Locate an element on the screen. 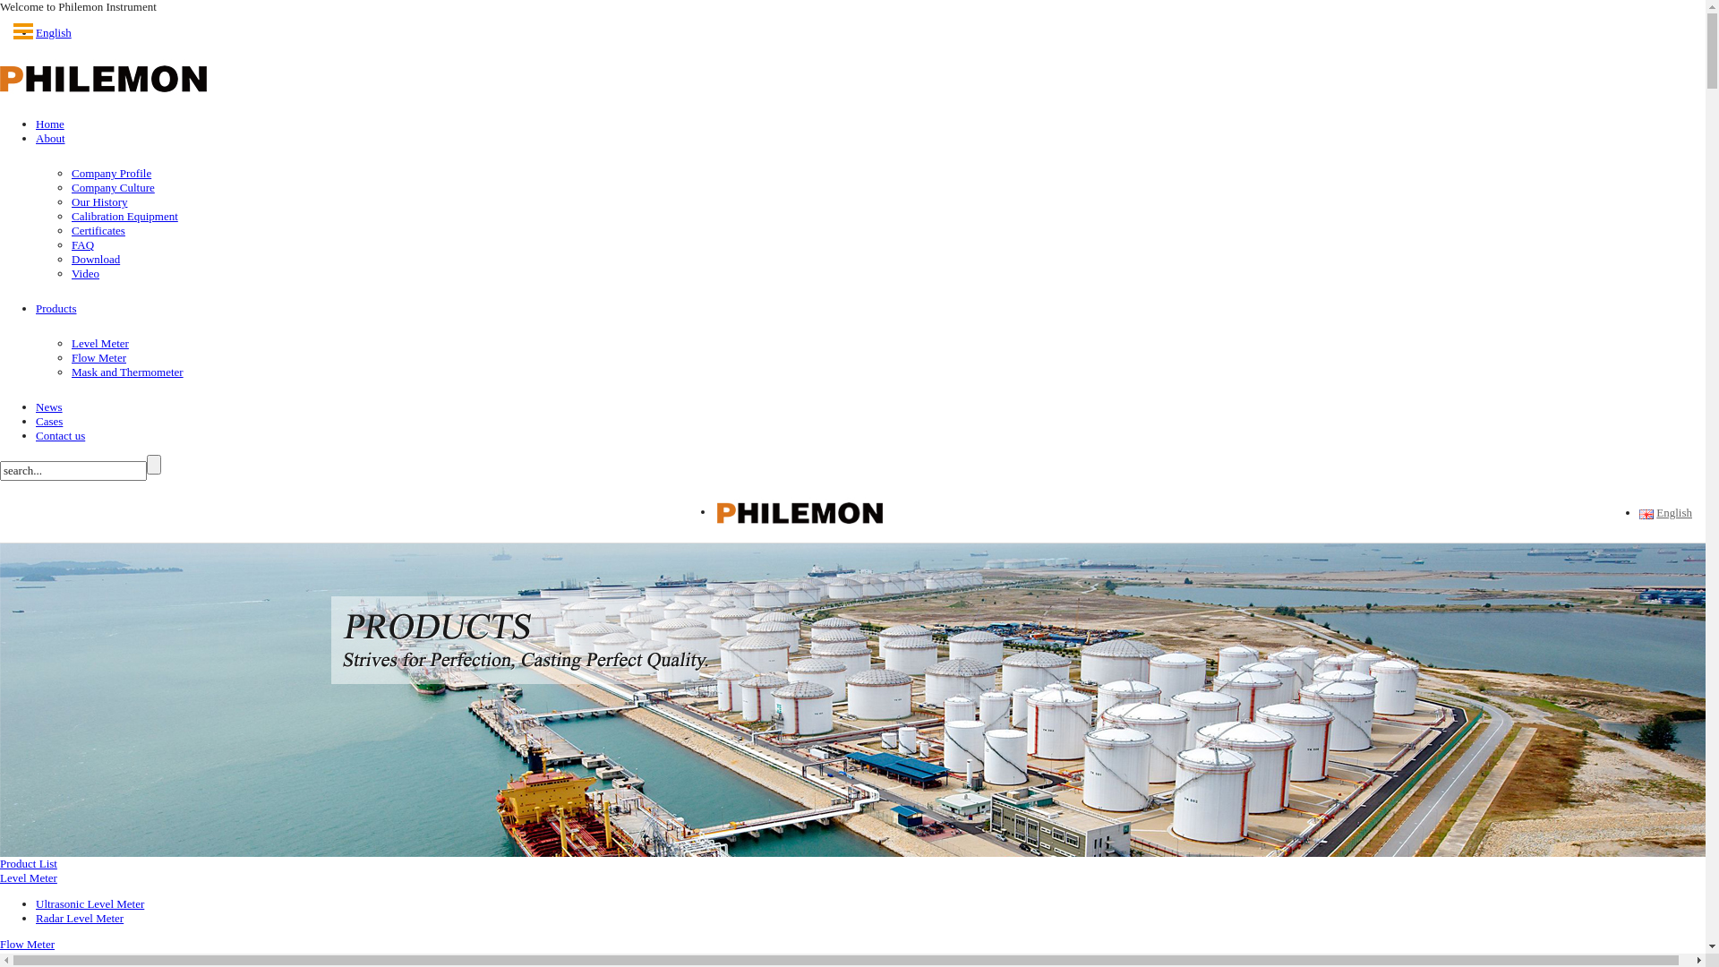 The height and width of the screenshot is (967, 1719). 'Philemon Instrument' is located at coordinates (102, 76).